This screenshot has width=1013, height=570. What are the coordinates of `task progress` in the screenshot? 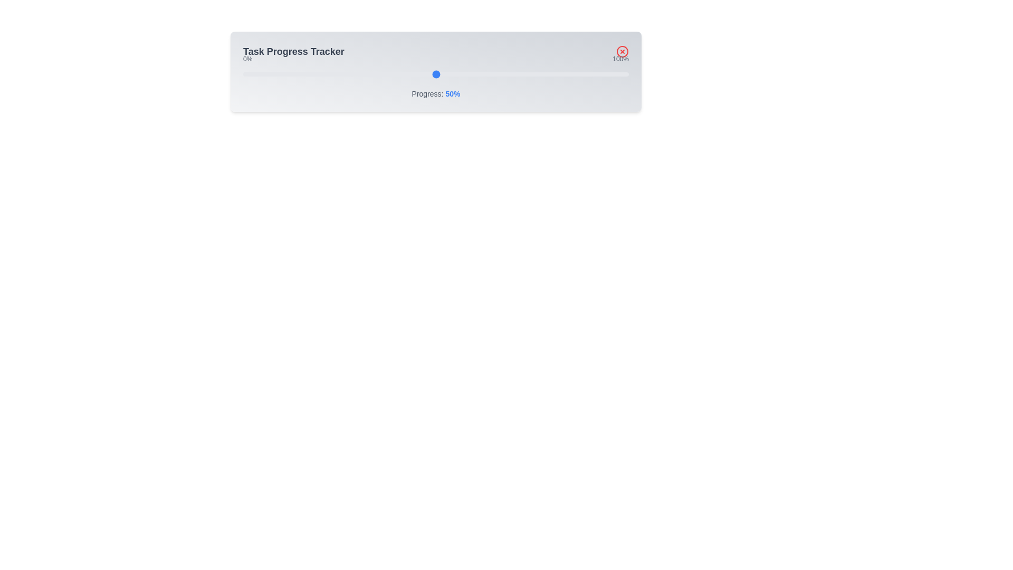 It's located at (493, 74).